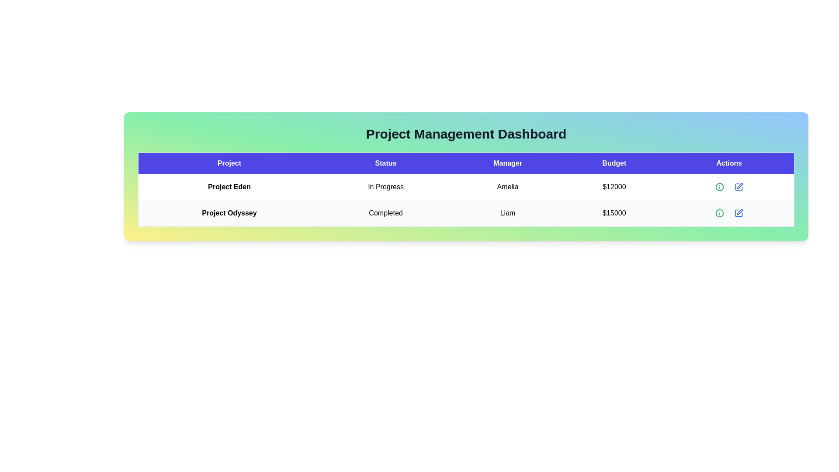  I want to click on the second icon in the 'Actions' column of the table row corresponding to 'Project Eden', so click(739, 185).